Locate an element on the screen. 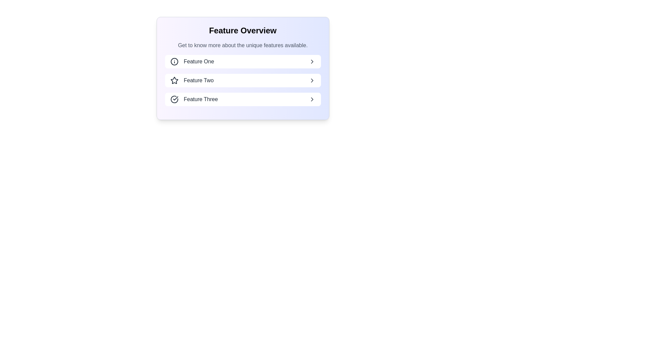  the third item in the vertical list, which is used for navigation and presents additional information about the labeled feature is located at coordinates (194, 99).